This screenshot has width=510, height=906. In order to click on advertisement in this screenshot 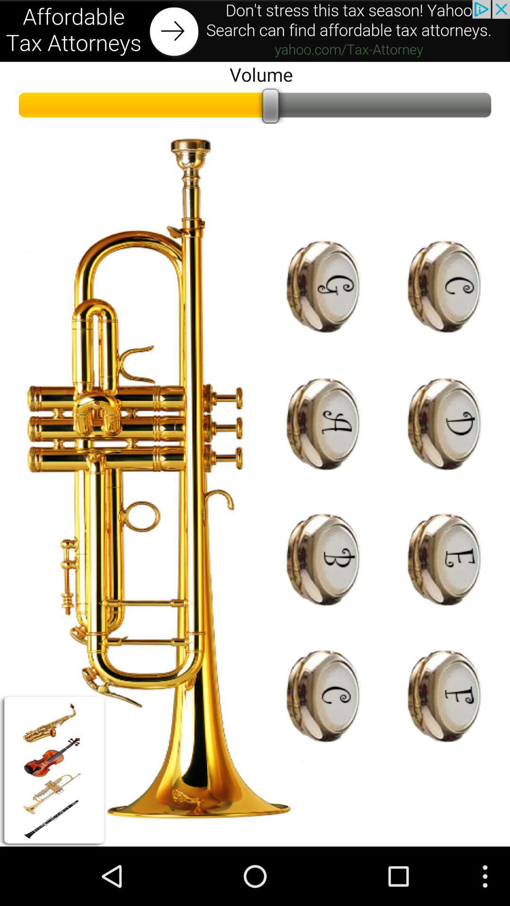, I will do `click(255, 31)`.